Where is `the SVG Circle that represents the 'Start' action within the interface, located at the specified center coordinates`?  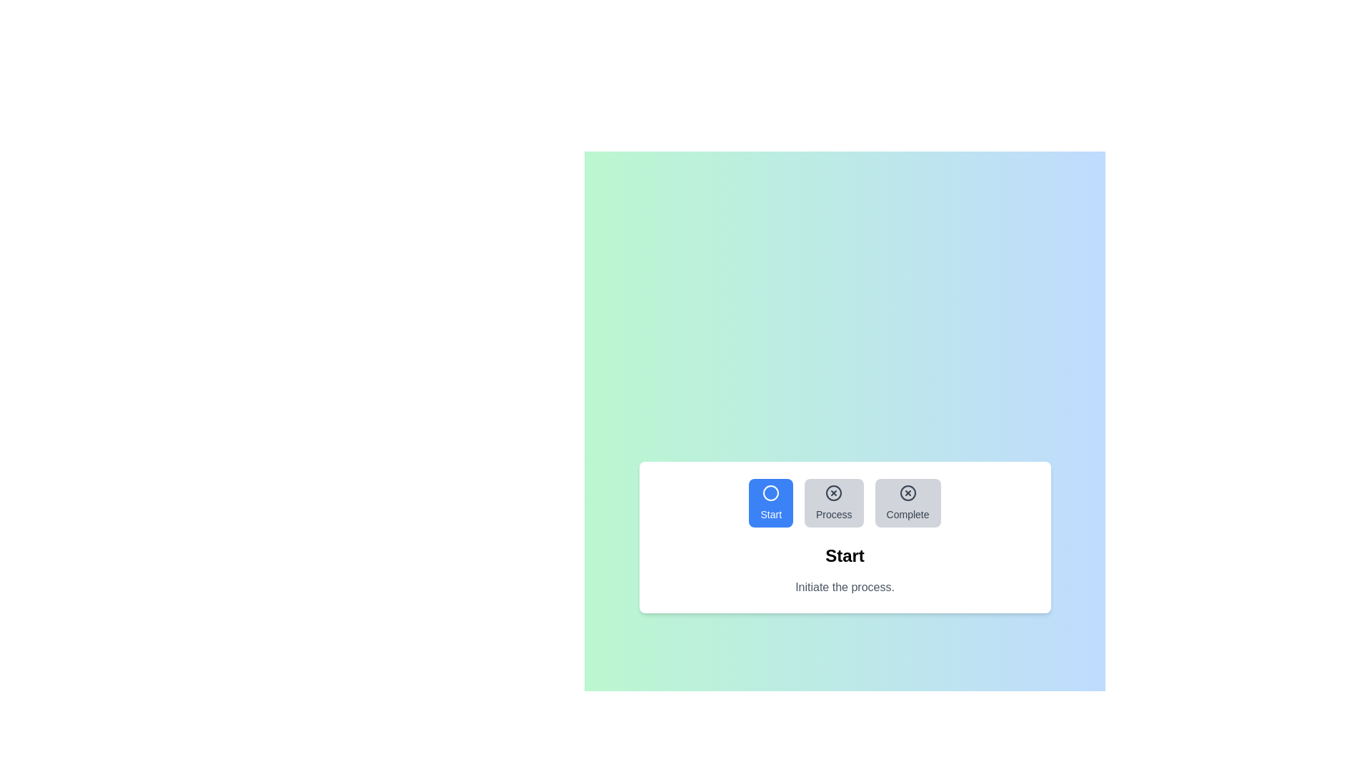
the SVG Circle that represents the 'Start' action within the interface, located at the specified center coordinates is located at coordinates (770, 493).